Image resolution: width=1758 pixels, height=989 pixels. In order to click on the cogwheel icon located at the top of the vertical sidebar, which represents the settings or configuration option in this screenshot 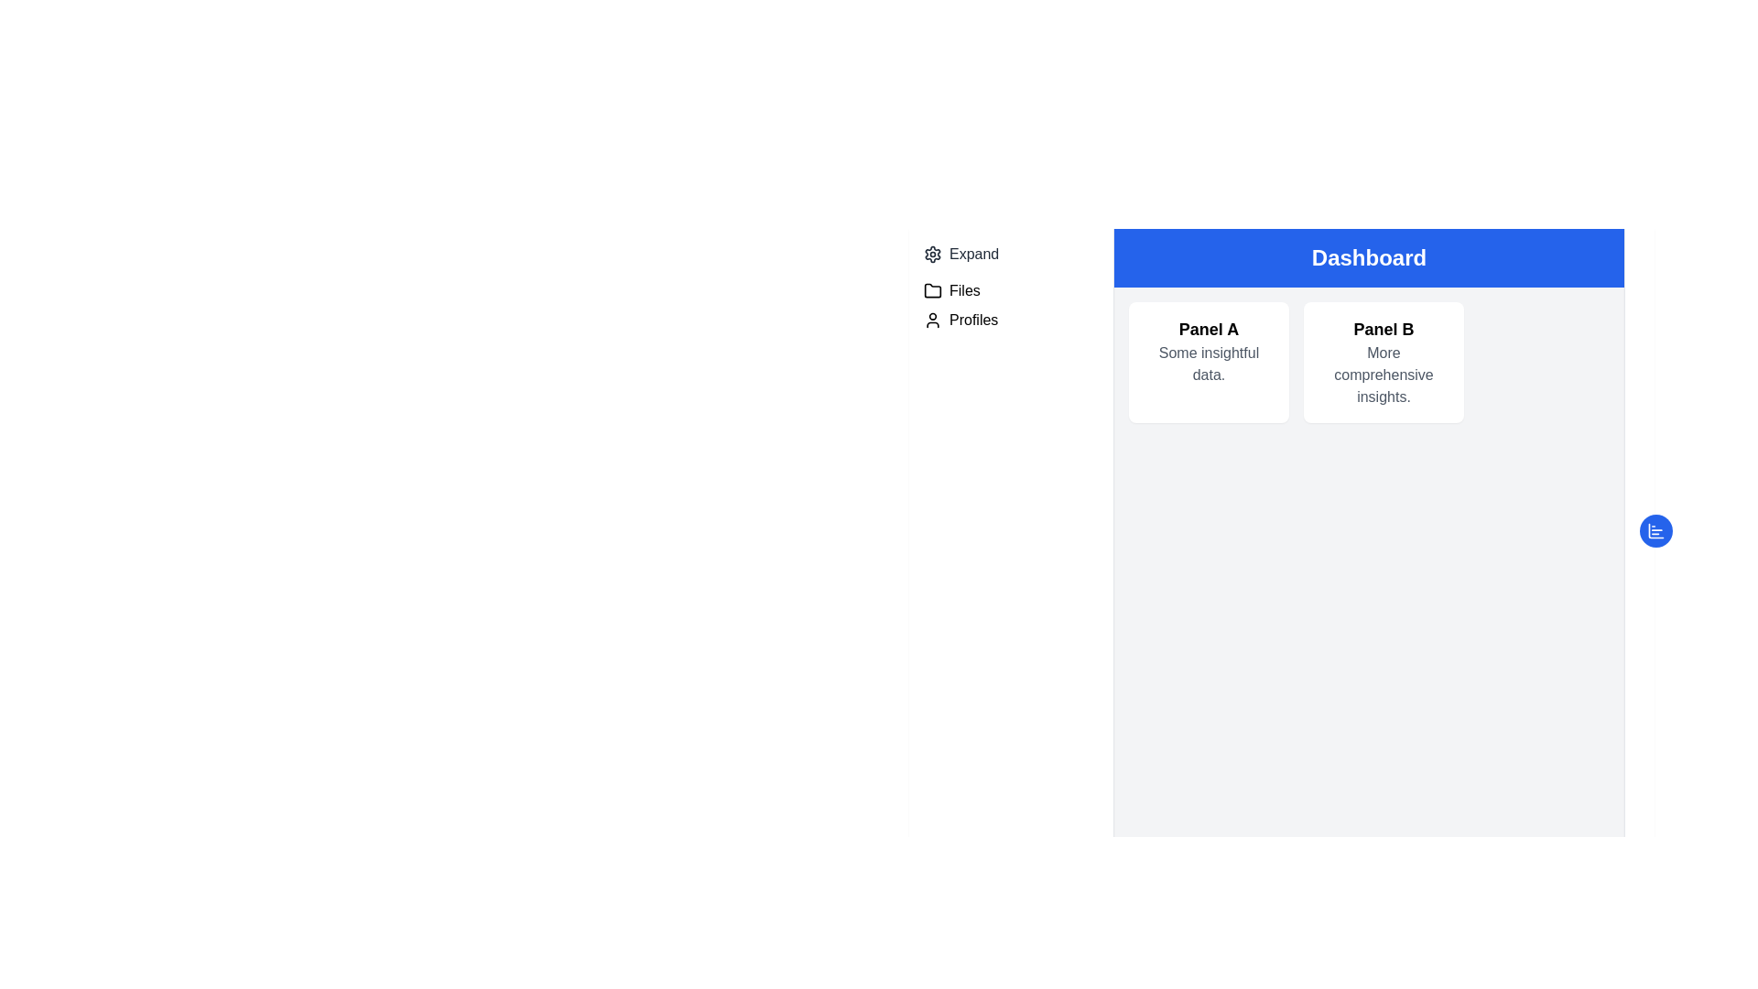, I will do `click(932, 254)`.